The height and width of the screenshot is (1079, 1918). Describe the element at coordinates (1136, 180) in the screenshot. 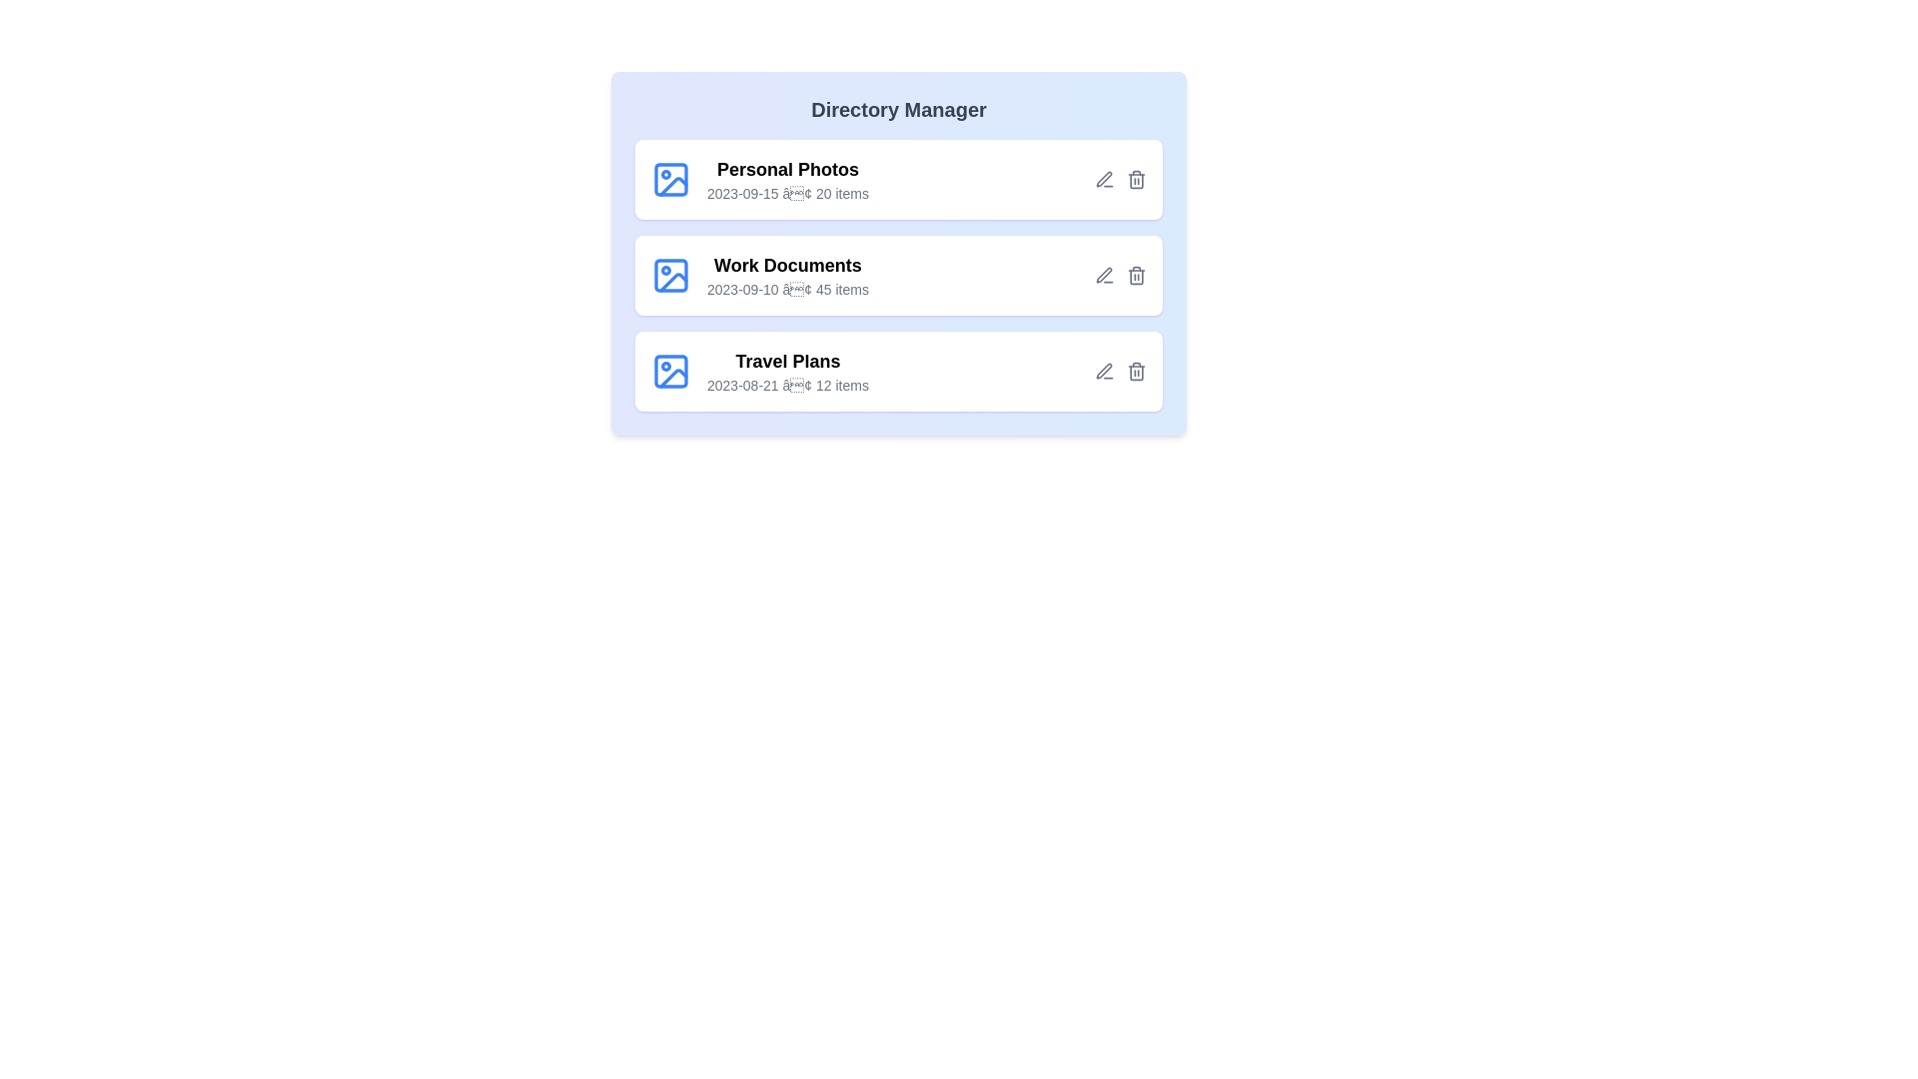

I see `the delete icon for the directory named Personal Photos` at that location.